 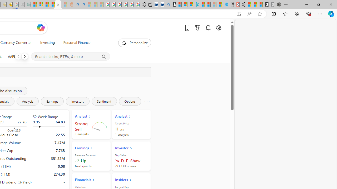 What do you see at coordinates (104, 101) in the screenshot?
I see `'Sentiment'` at bounding box center [104, 101].